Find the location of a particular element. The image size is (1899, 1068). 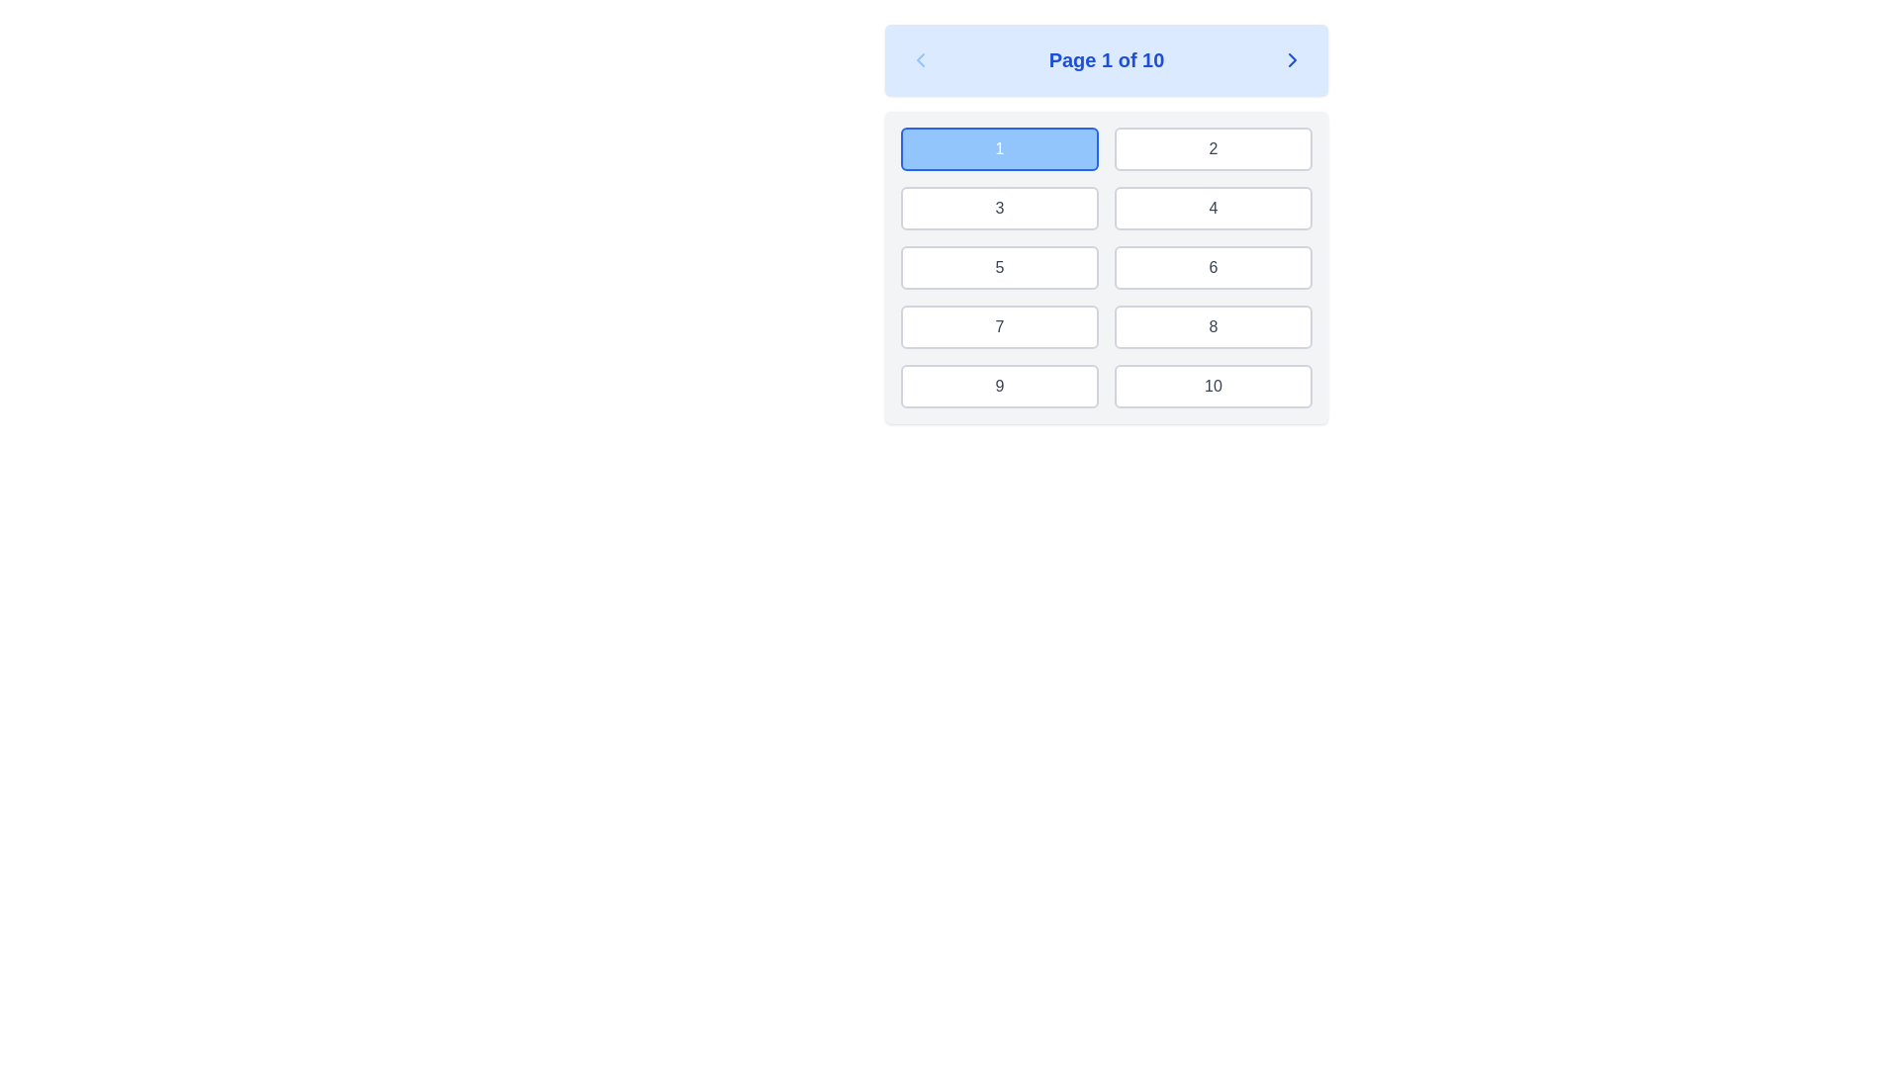

the right-facing chevron icon button located in the top-right corner of the navigation bar is located at coordinates (1292, 59).